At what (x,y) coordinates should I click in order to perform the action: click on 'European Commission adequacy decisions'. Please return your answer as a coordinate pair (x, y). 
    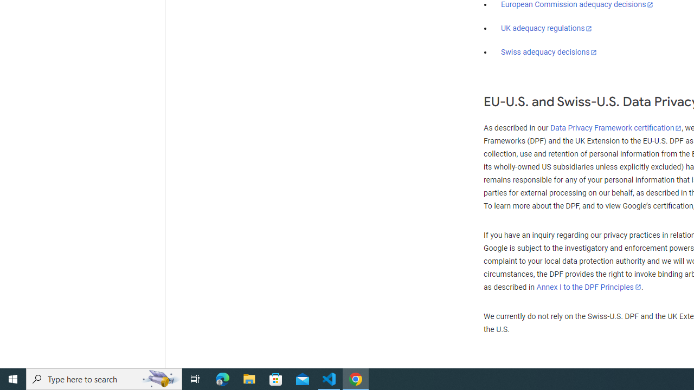
    Looking at the image, I should click on (576, 5).